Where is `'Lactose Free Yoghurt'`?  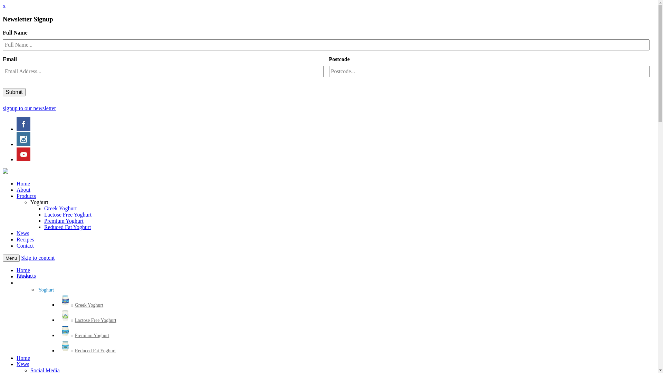
'Lactose Free Yoghurt' is located at coordinates (68, 214).